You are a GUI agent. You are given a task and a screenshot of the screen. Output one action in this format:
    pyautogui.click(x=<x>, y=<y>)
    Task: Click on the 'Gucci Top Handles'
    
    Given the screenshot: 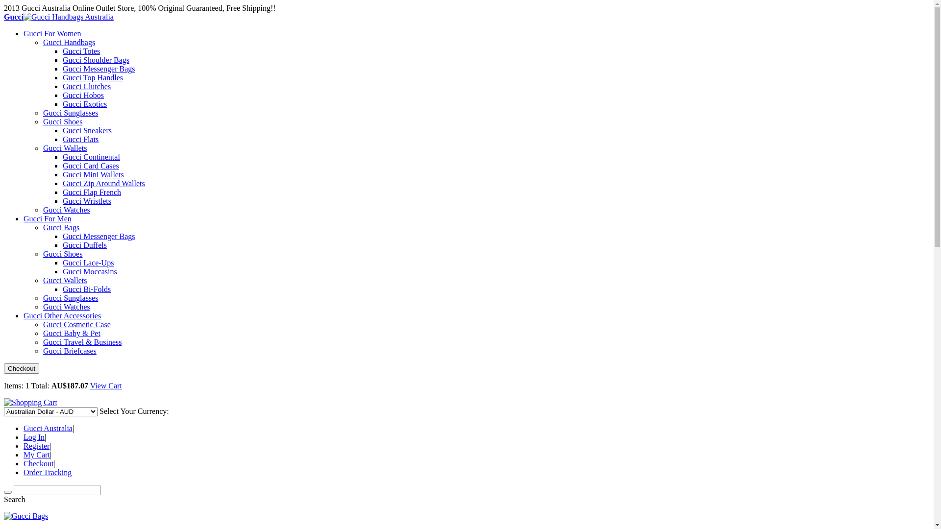 What is the action you would take?
    pyautogui.click(x=93, y=77)
    